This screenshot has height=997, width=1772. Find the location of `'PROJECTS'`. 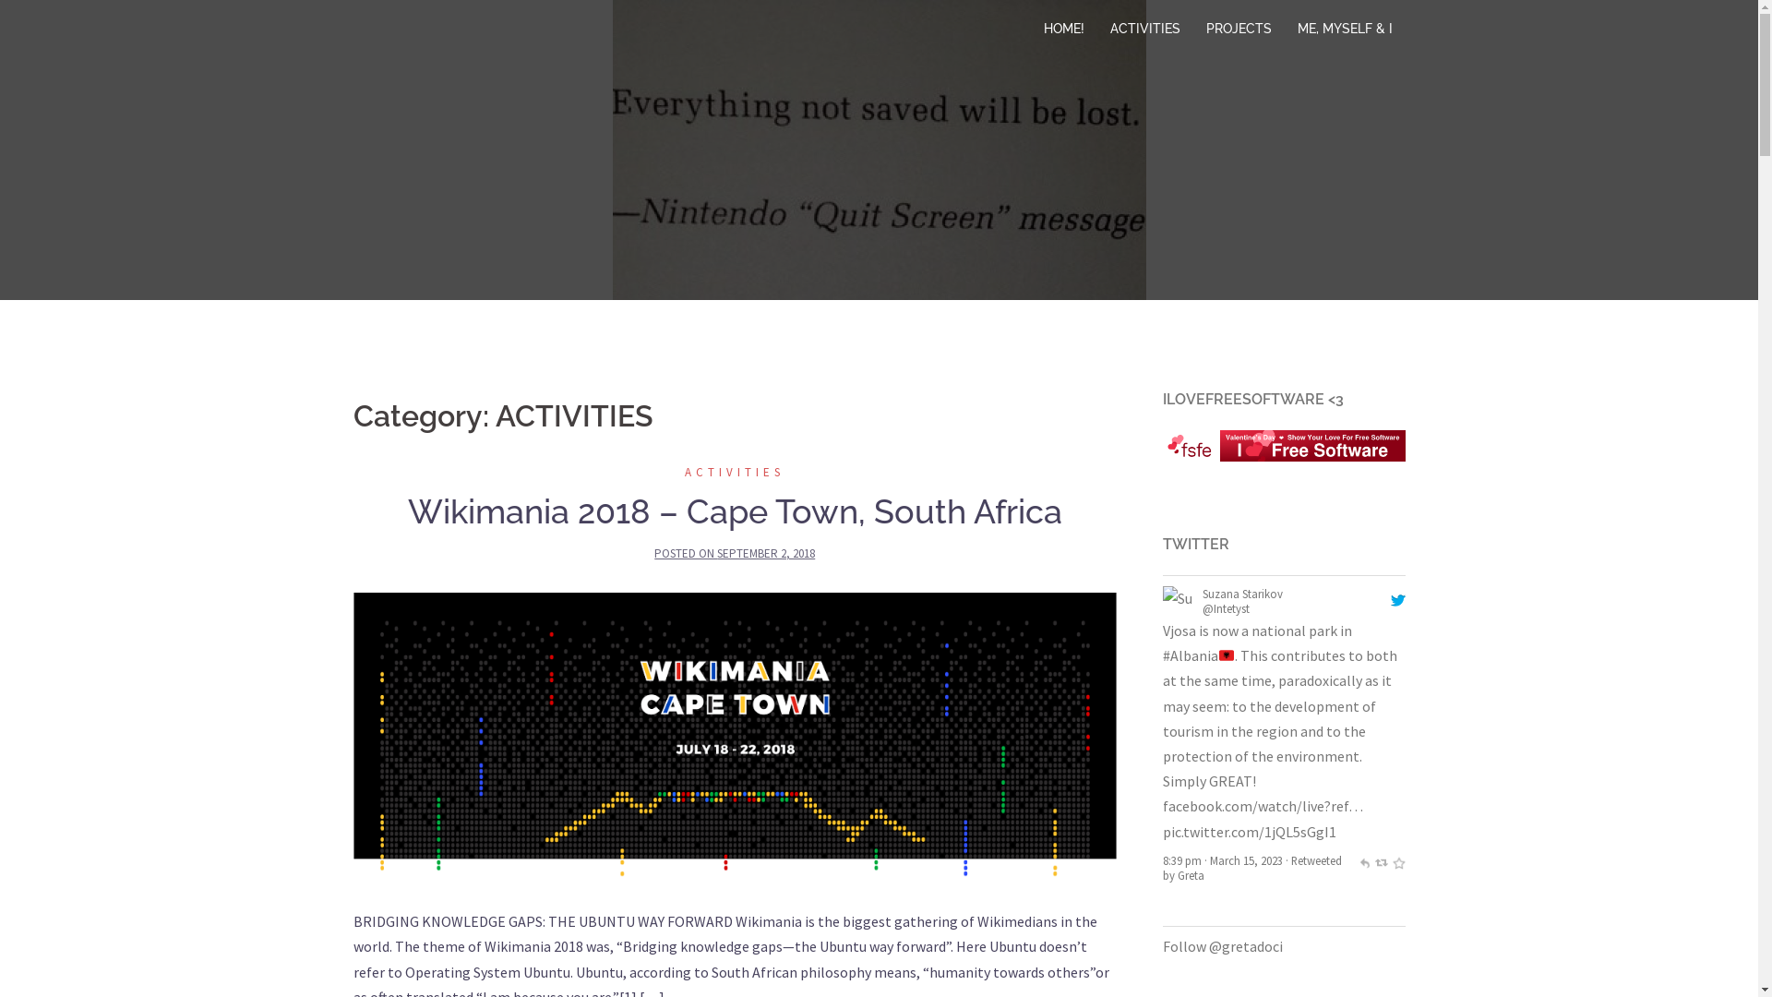

'PROJECTS' is located at coordinates (1238, 29).